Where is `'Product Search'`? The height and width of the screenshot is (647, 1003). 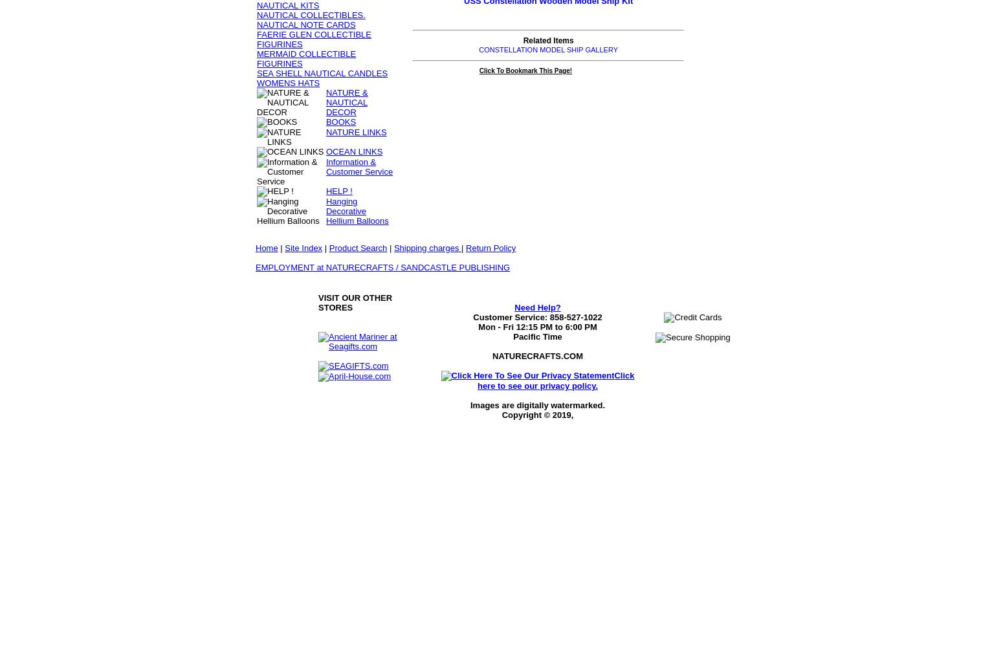 'Product Search' is located at coordinates (358, 248).